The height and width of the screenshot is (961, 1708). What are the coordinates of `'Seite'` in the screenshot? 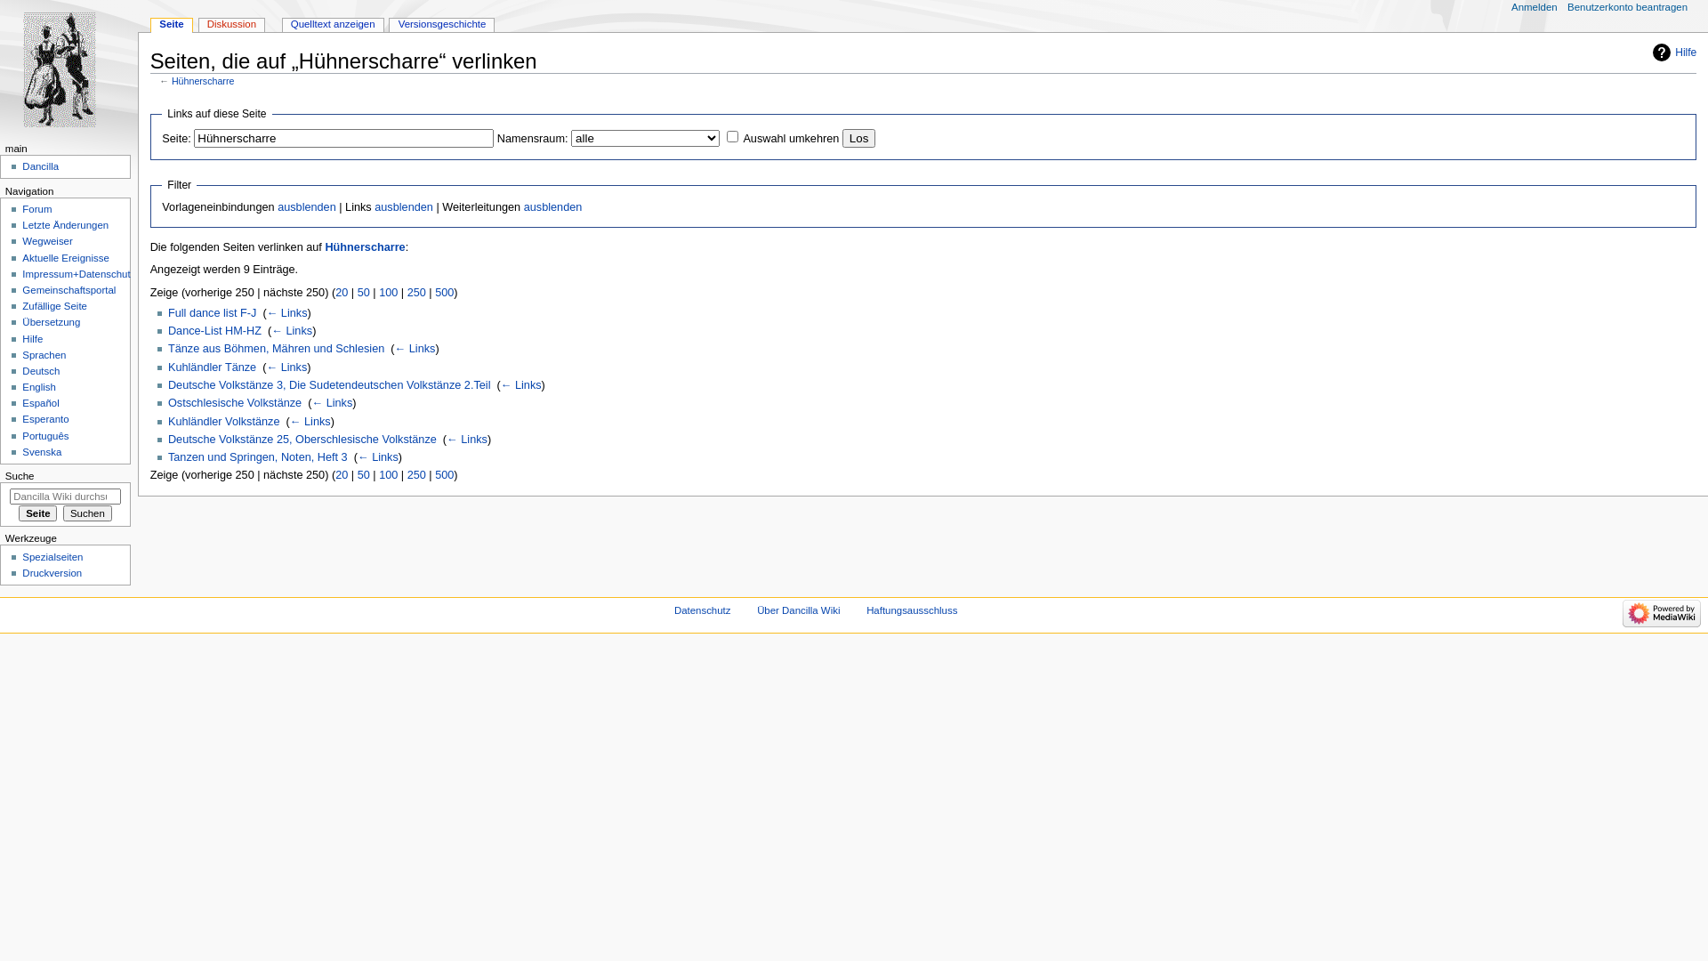 It's located at (171, 25).